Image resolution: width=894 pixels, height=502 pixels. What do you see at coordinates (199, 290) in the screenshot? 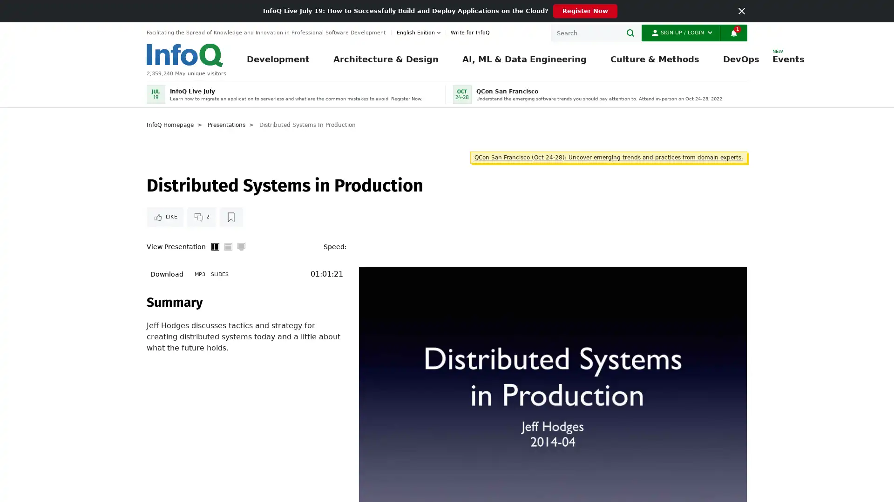
I see `MP3` at bounding box center [199, 290].